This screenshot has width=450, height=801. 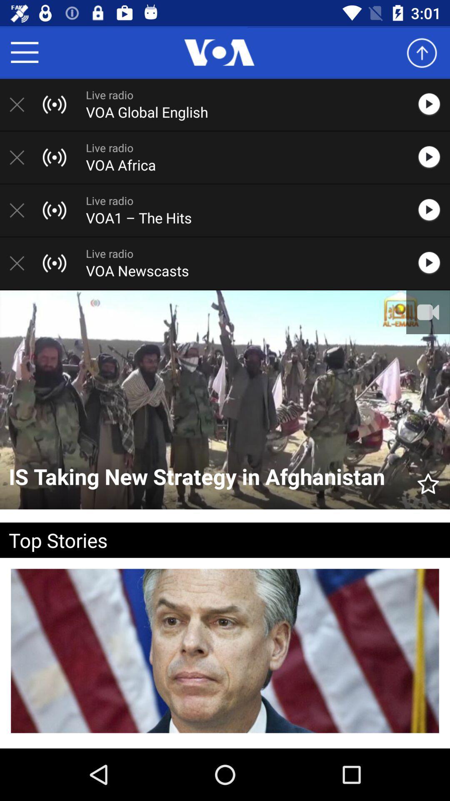 What do you see at coordinates (225, 746) in the screenshot?
I see `trump s pick icon` at bounding box center [225, 746].